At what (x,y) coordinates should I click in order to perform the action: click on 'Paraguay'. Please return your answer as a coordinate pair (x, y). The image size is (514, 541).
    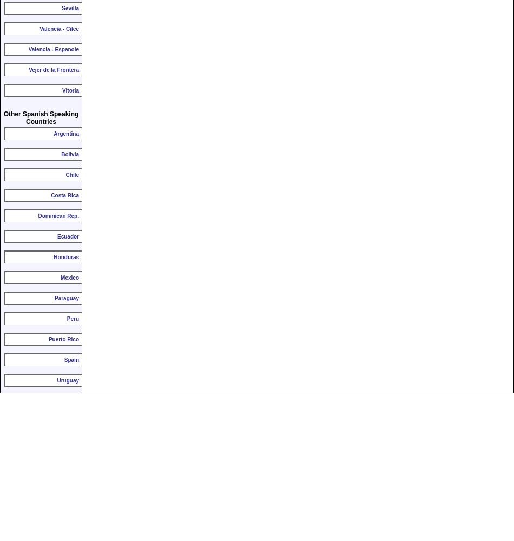
    Looking at the image, I should click on (67, 298).